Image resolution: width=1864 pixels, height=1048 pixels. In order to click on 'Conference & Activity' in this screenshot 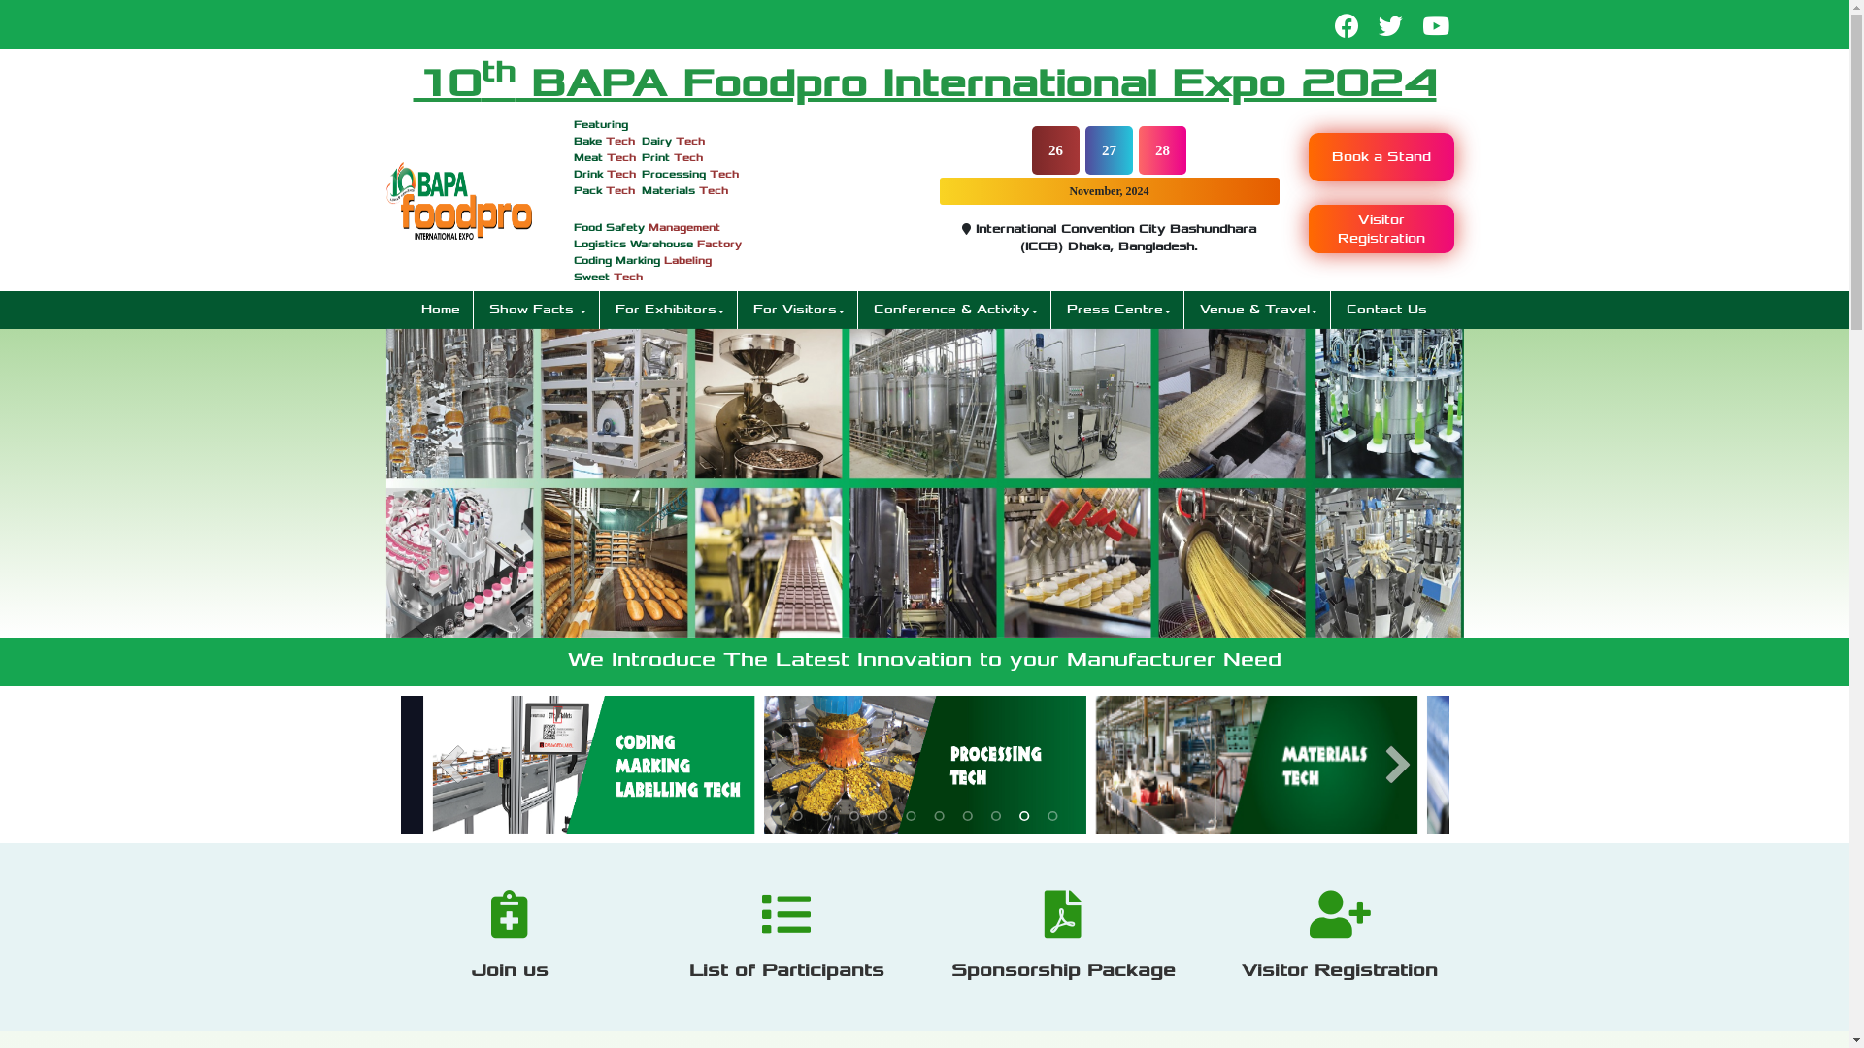, I will do `click(861, 309)`.